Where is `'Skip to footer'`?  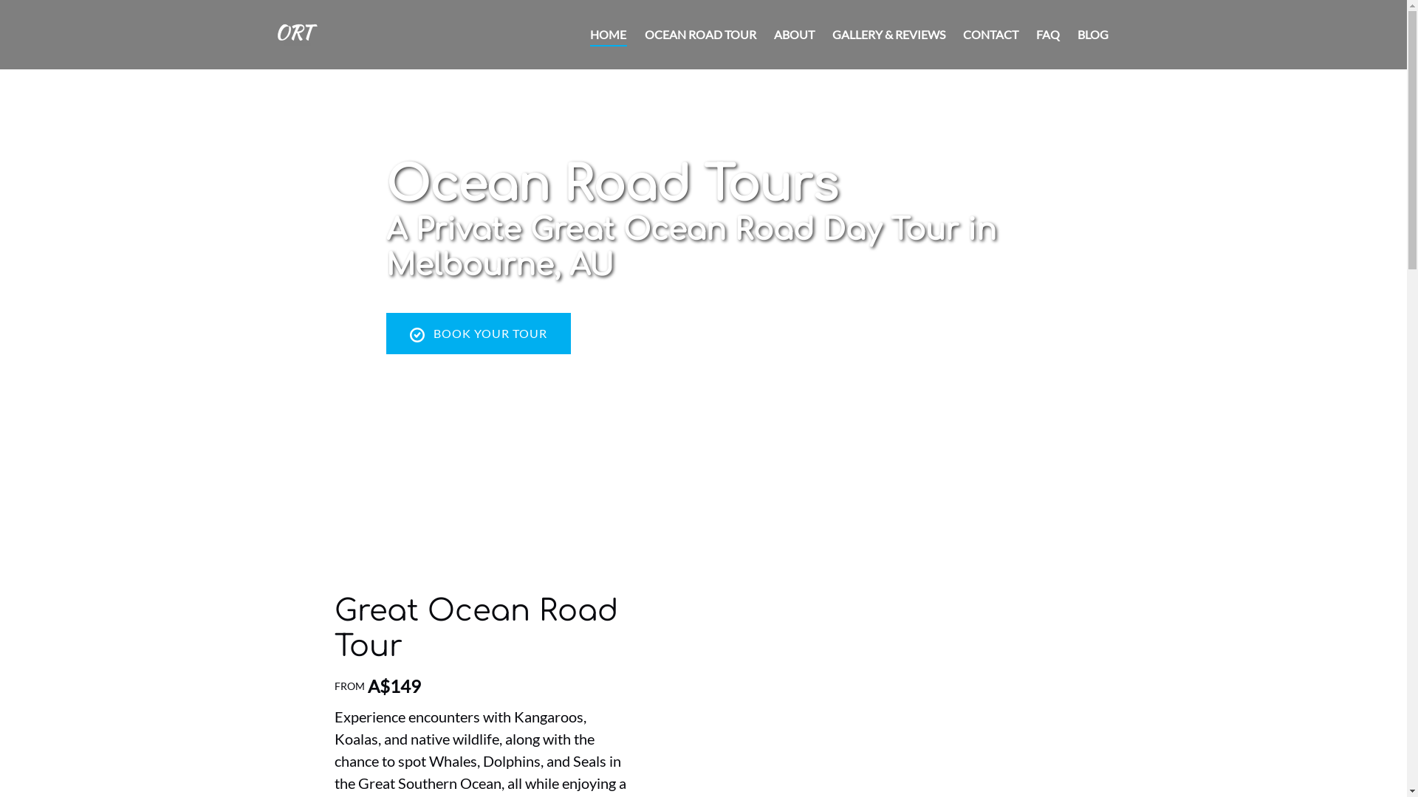 'Skip to footer' is located at coordinates (41, 16).